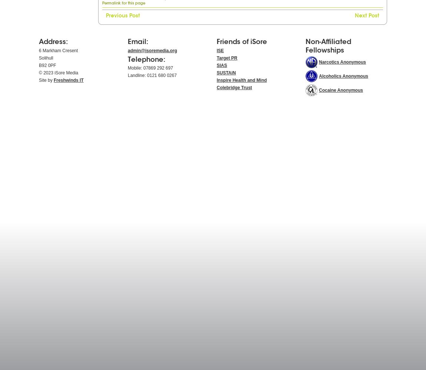 The width and height of the screenshot is (426, 370). Describe the element at coordinates (150, 68) in the screenshot. I see `'Mobile: 07869 292 697'` at that location.